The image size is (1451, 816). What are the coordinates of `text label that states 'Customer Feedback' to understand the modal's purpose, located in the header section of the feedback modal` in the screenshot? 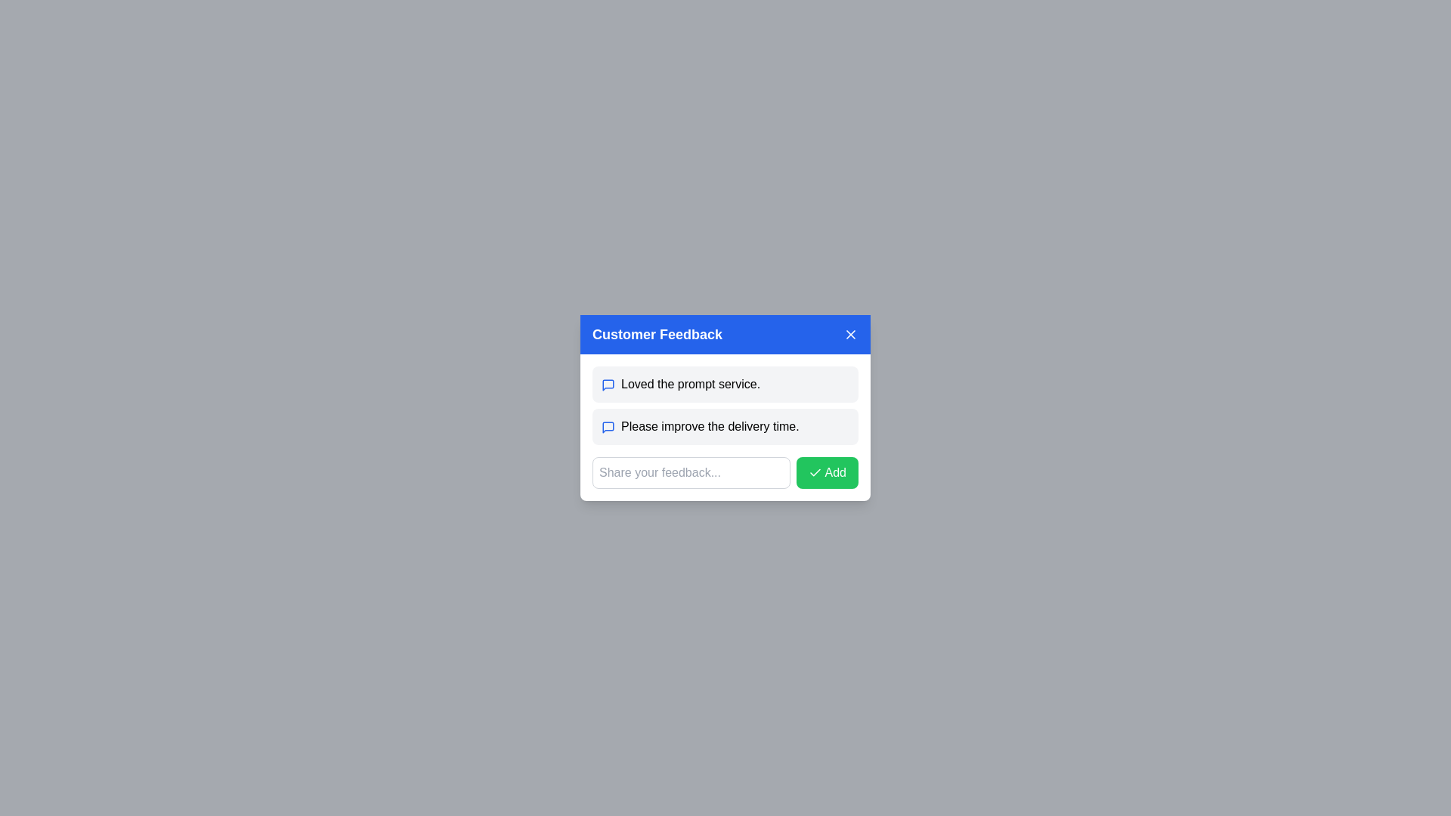 It's located at (657, 334).